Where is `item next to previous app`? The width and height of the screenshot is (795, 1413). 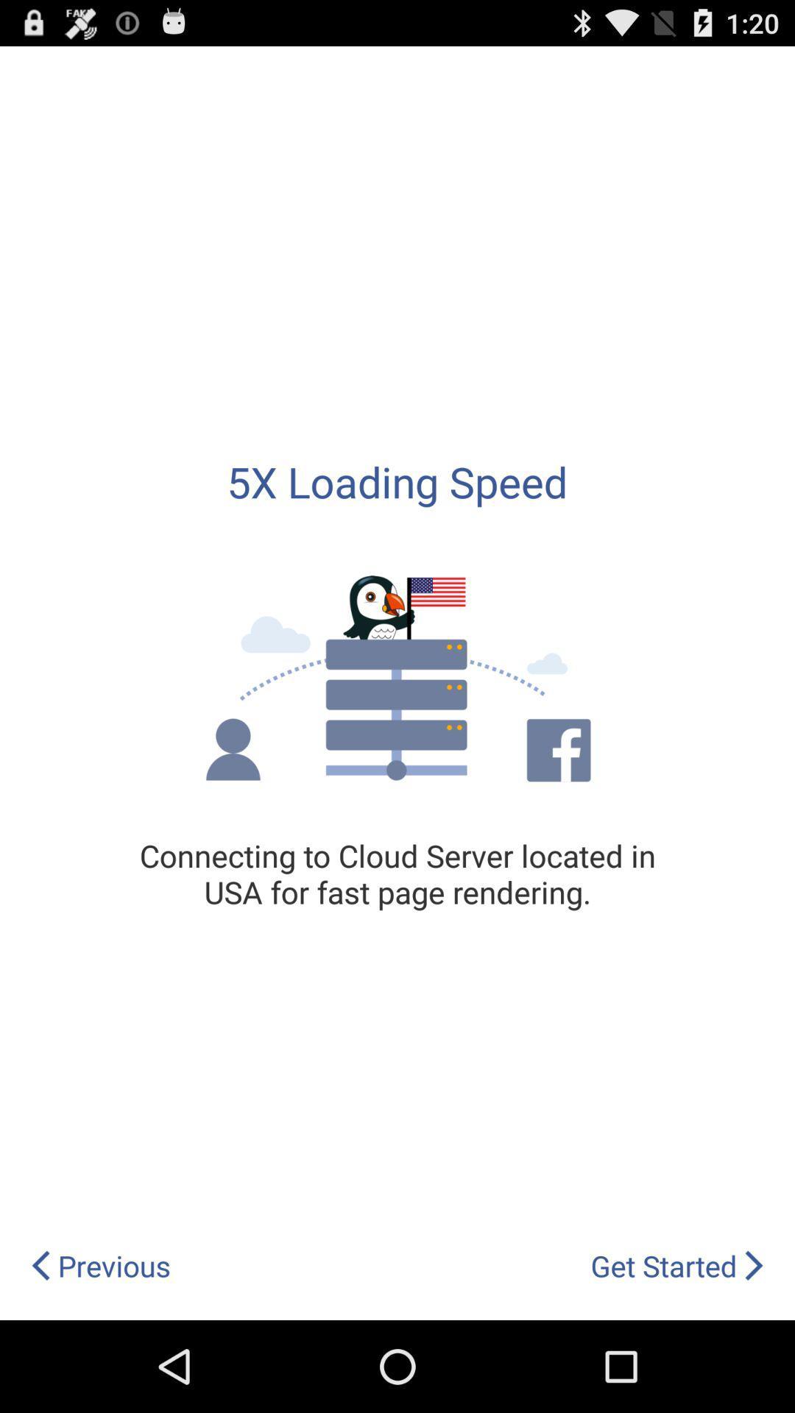 item next to previous app is located at coordinates (677, 1265).